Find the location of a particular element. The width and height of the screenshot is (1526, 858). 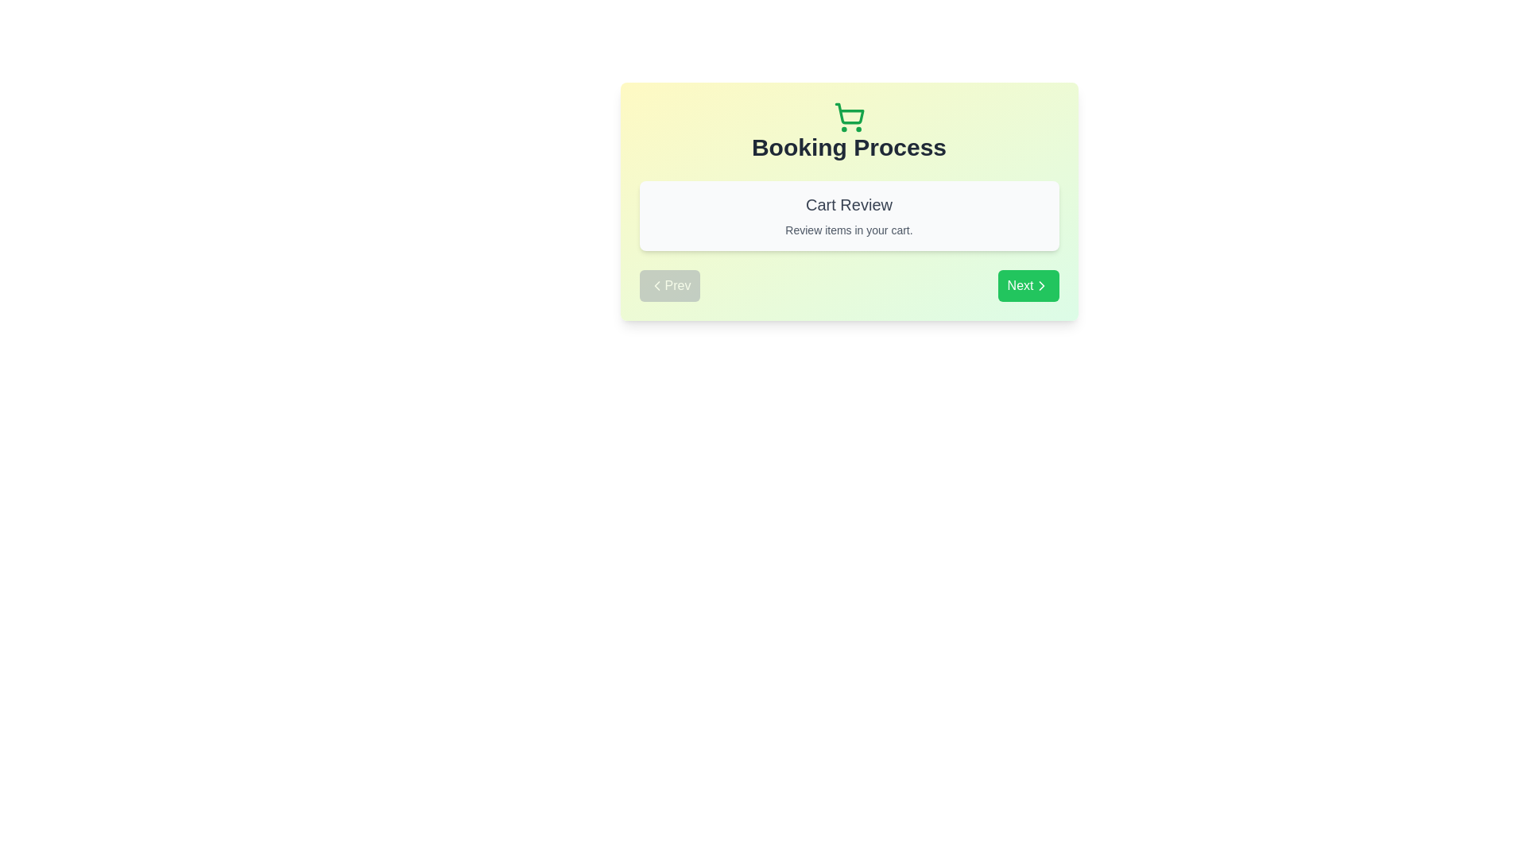

the left-pointing arrow icon that is part of the 'Prev' navigation button located at the bottom-left of the main content area is located at coordinates (656, 284).